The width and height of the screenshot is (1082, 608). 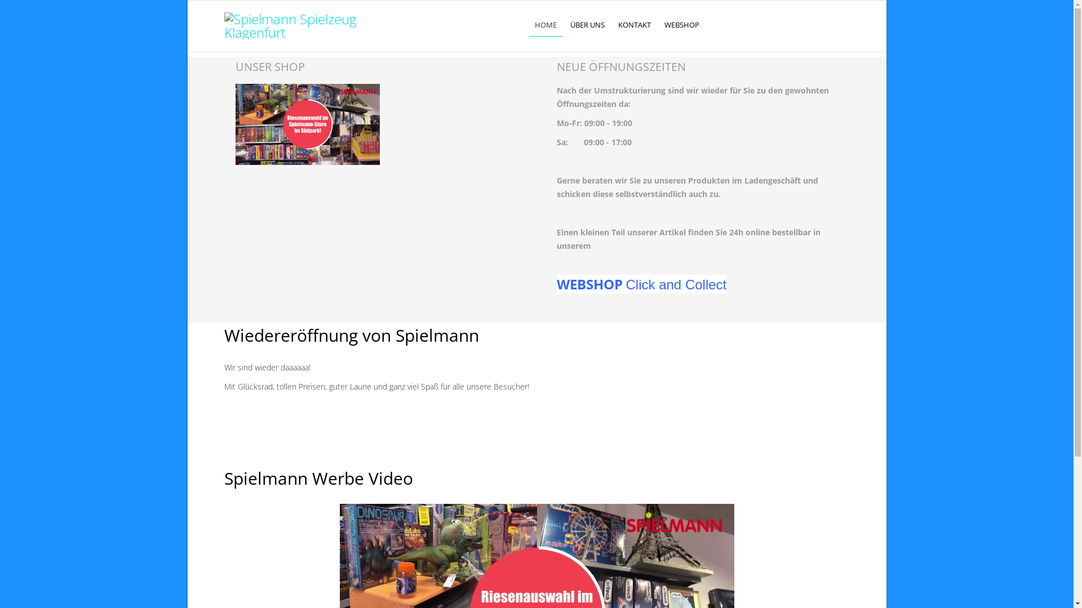 I want to click on 'HOME', so click(x=546, y=25).